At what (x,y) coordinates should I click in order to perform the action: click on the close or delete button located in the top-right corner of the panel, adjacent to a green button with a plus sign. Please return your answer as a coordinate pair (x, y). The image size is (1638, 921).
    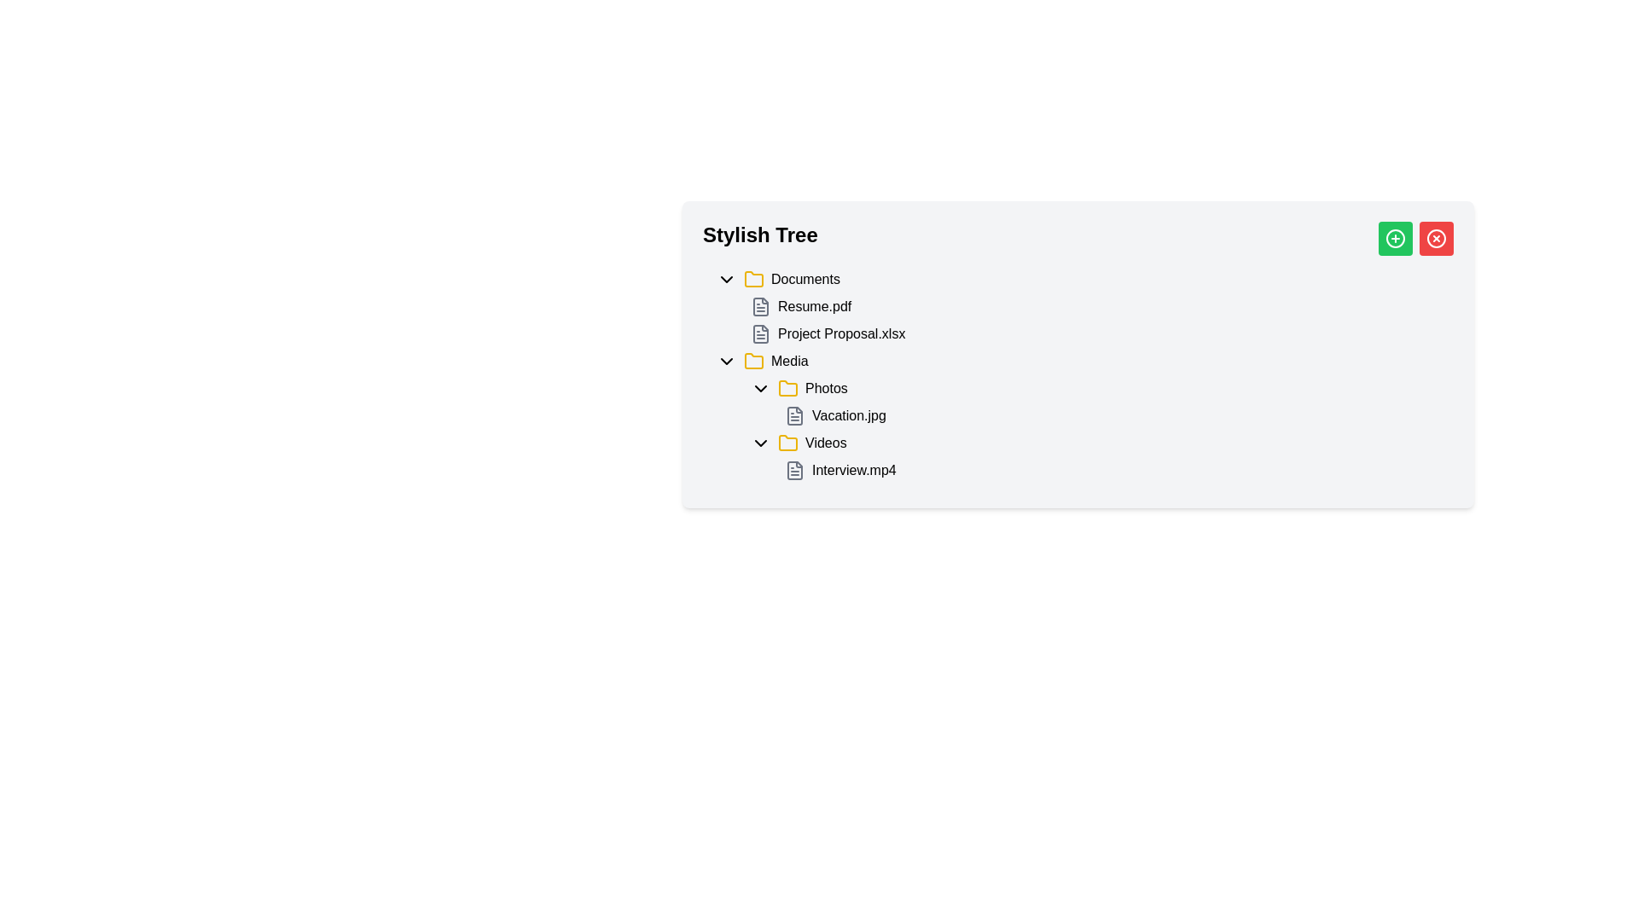
    Looking at the image, I should click on (1436, 239).